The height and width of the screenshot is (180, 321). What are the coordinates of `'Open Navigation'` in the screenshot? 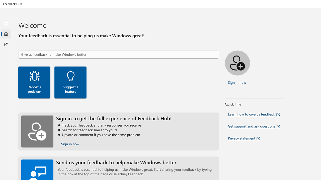 It's located at (6, 24).